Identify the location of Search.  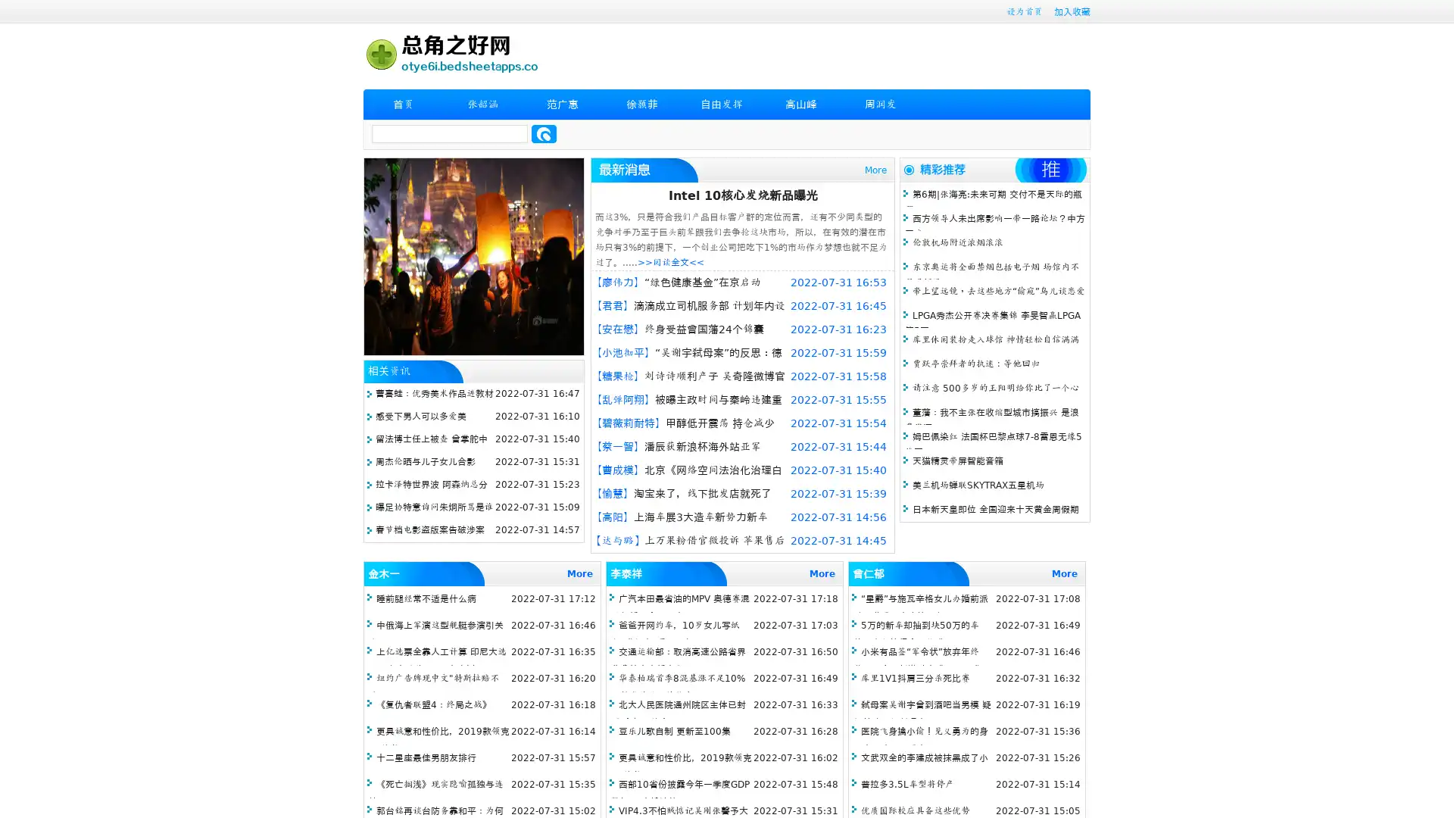
(544, 133).